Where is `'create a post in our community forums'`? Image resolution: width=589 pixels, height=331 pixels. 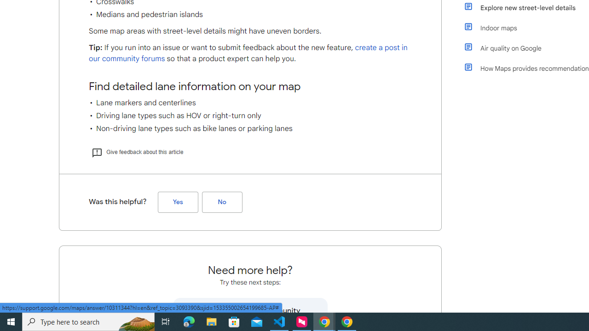 'create a post in our community forums' is located at coordinates (248, 53).